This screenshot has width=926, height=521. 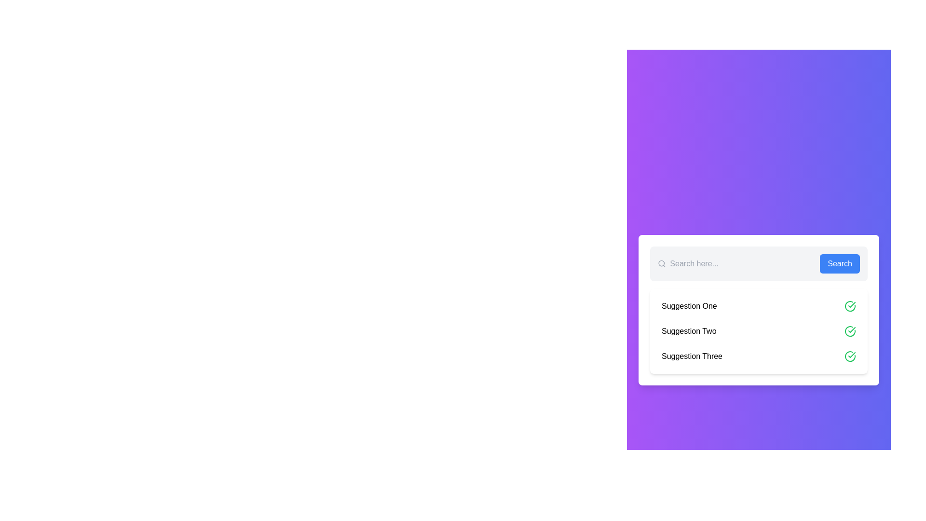 I want to click on the checkmark icon located to the far right of the list item labeled 'Suggestion Two', which serves as a visual indicator of selection validity, so click(x=850, y=330).